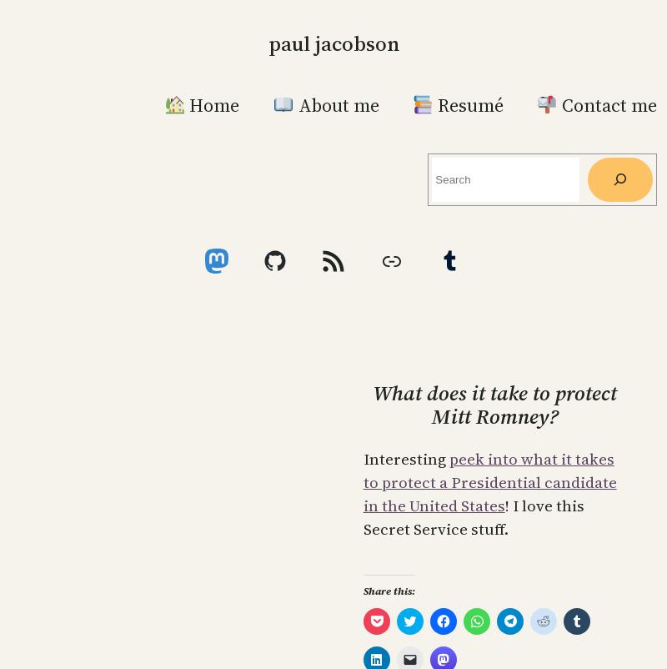 Image resolution: width=667 pixels, height=669 pixels. I want to click on '! I love this Secret Service stuff.', so click(473, 516).